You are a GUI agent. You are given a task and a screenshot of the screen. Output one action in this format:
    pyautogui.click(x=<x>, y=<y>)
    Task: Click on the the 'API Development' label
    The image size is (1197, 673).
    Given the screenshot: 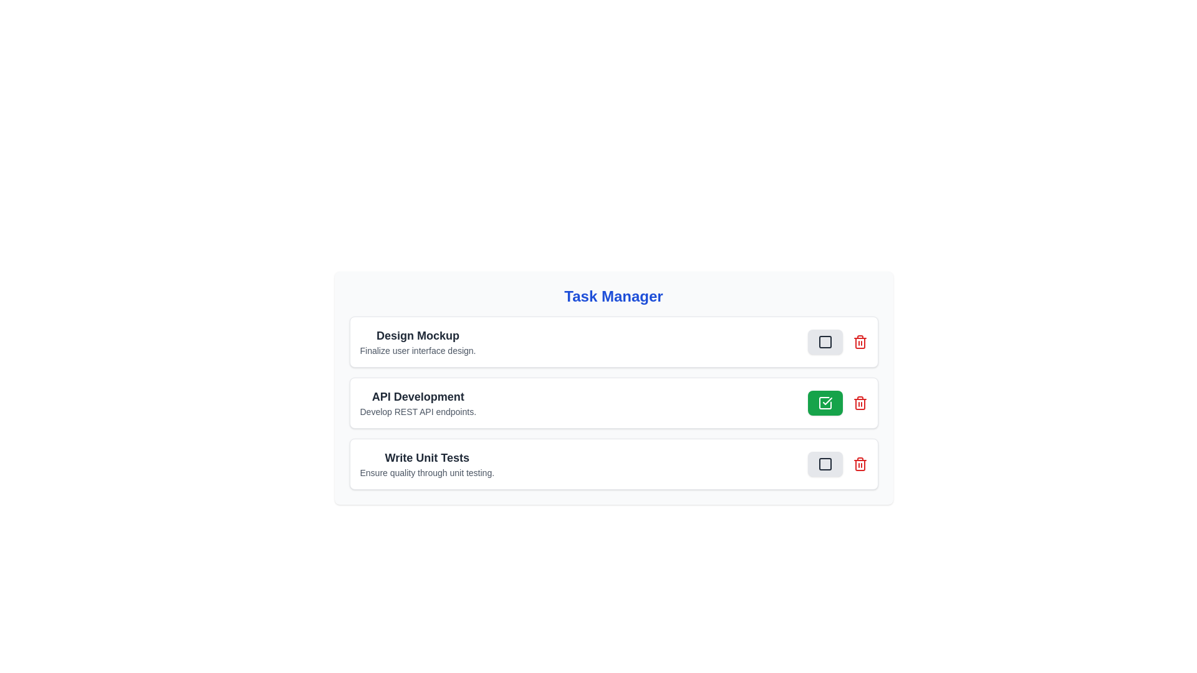 What is the action you would take?
    pyautogui.click(x=418, y=396)
    